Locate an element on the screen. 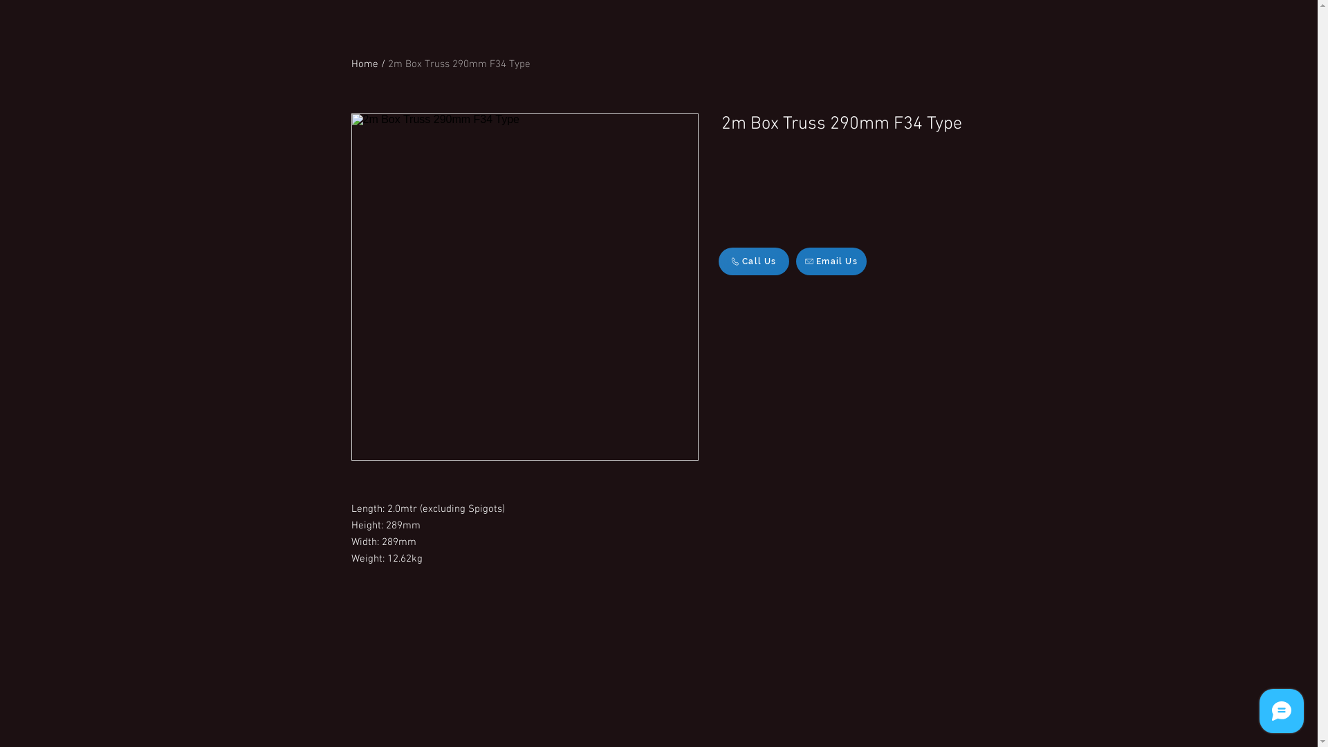  '2m Box Truss 290mm F34 Type' is located at coordinates (387, 64).